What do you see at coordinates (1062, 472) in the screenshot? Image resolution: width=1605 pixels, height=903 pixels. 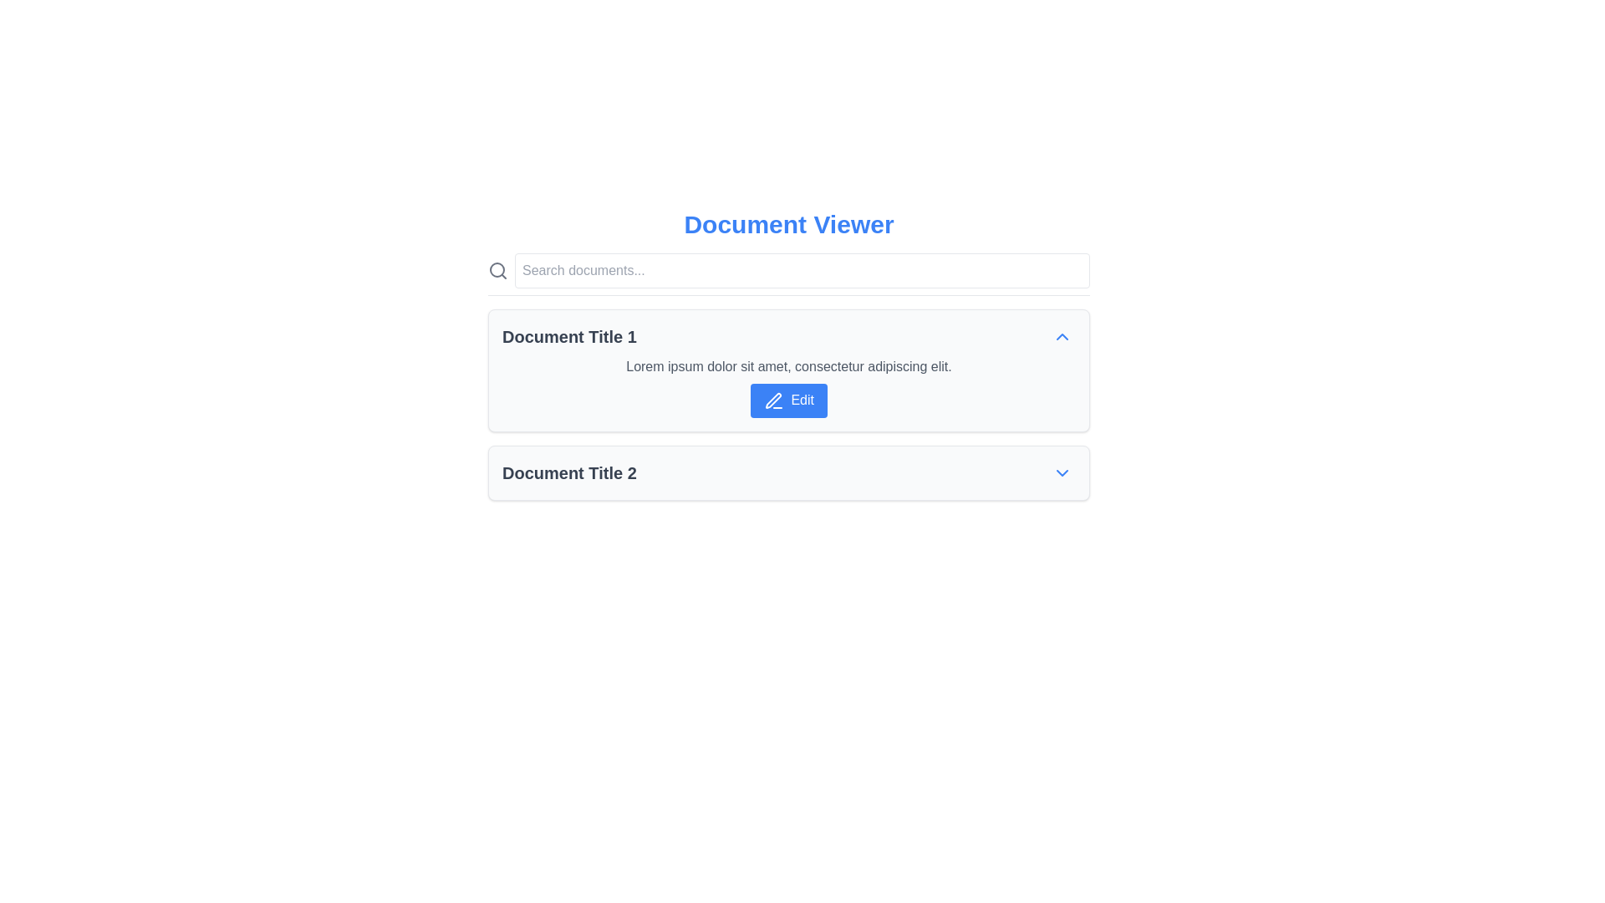 I see `the downward-pointing chevron button with a thin blue outline at the top-right corner of the 'Document Title 2' section` at bounding box center [1062, 472].